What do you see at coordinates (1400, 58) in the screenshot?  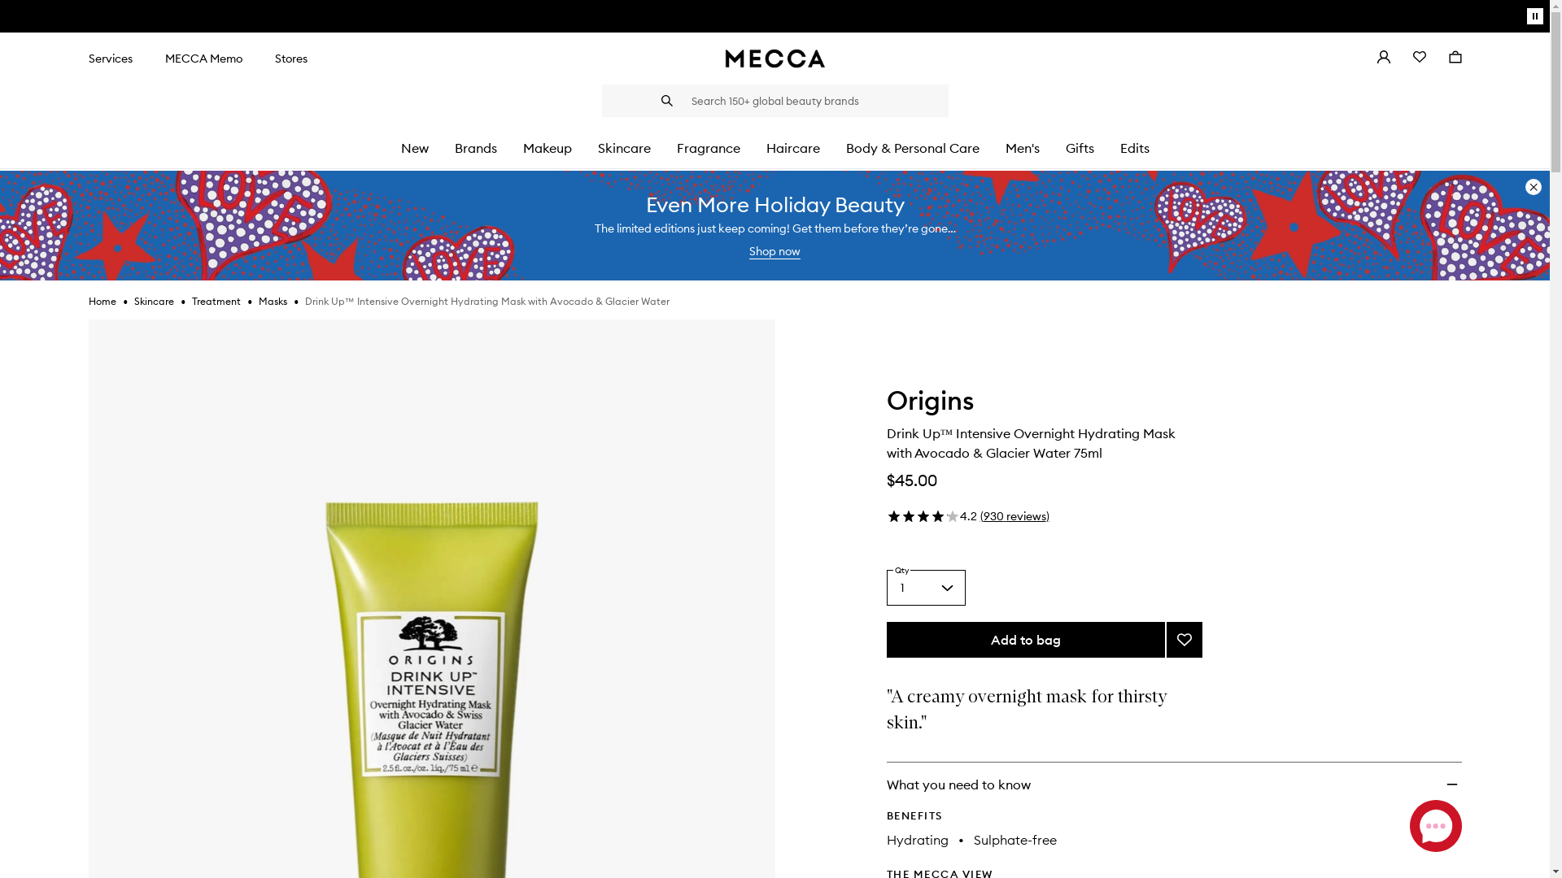 I see `'Wishlist'` at bounding box center [1400, 58].